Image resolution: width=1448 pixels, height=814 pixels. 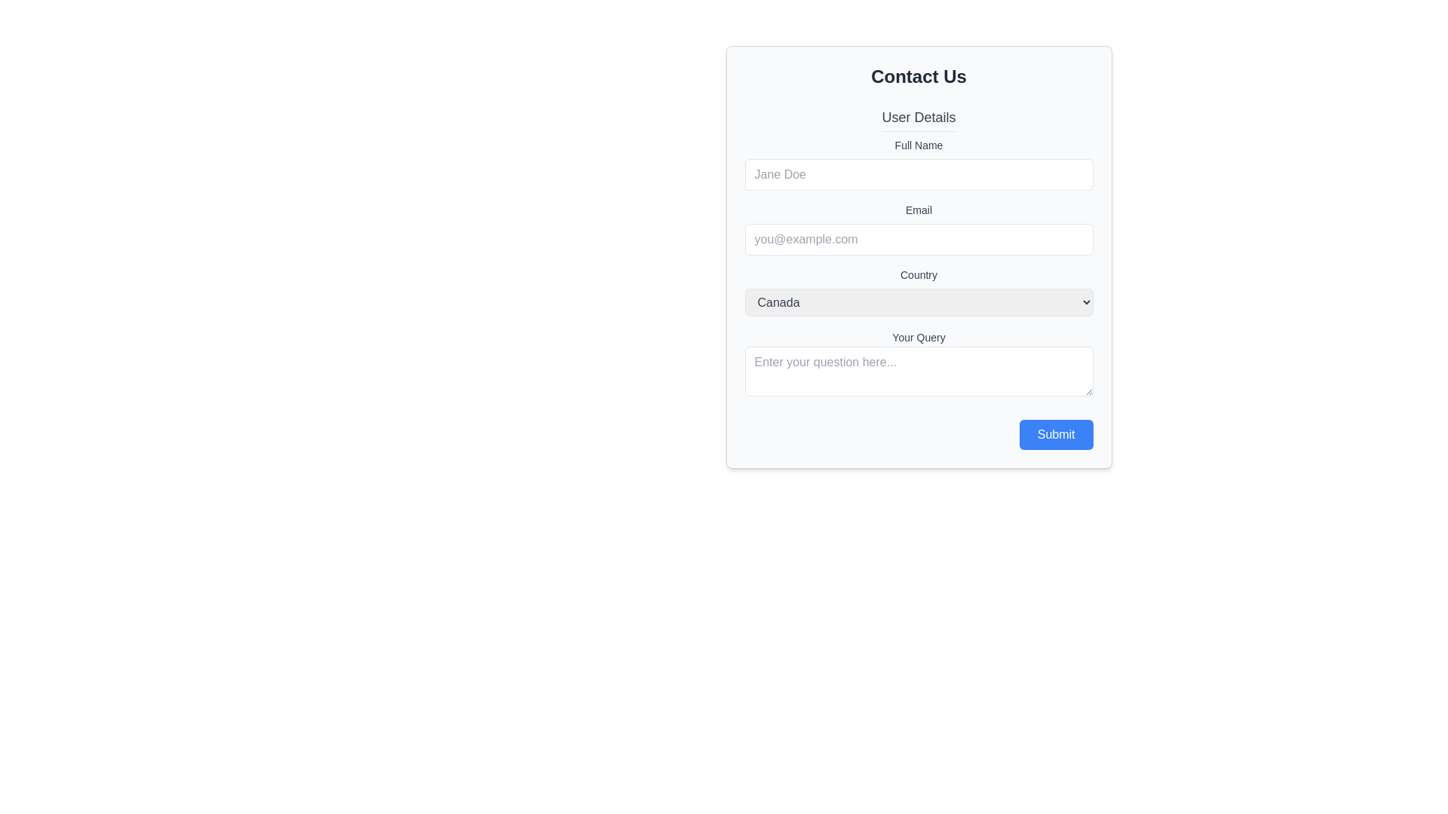 I want to click on the blue 'Submit' button located at the bottom-right corner of the form, so click(x=1055, y=435).